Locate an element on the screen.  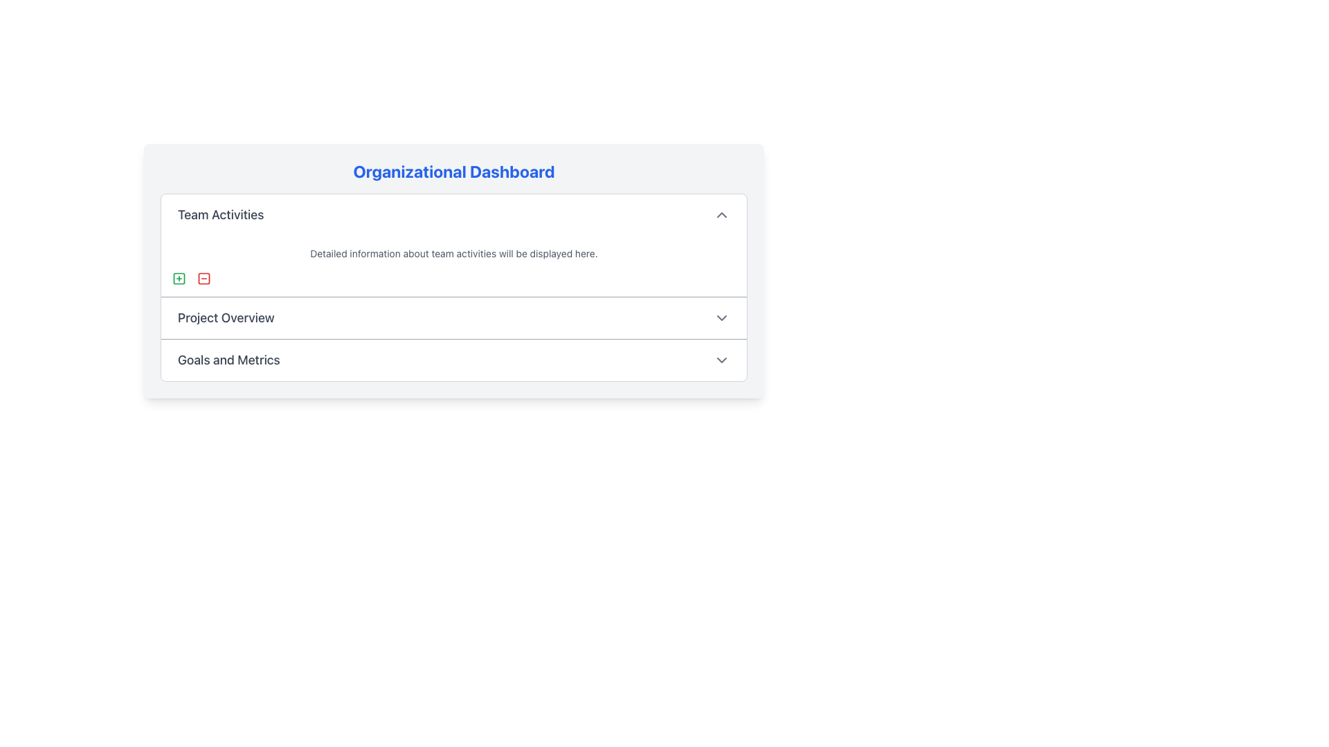
the square button with a green outline and '+' symbol in the upper-left corner of the 'Team Activities' section to observe the color change effect is located at coordinates (179, 278).